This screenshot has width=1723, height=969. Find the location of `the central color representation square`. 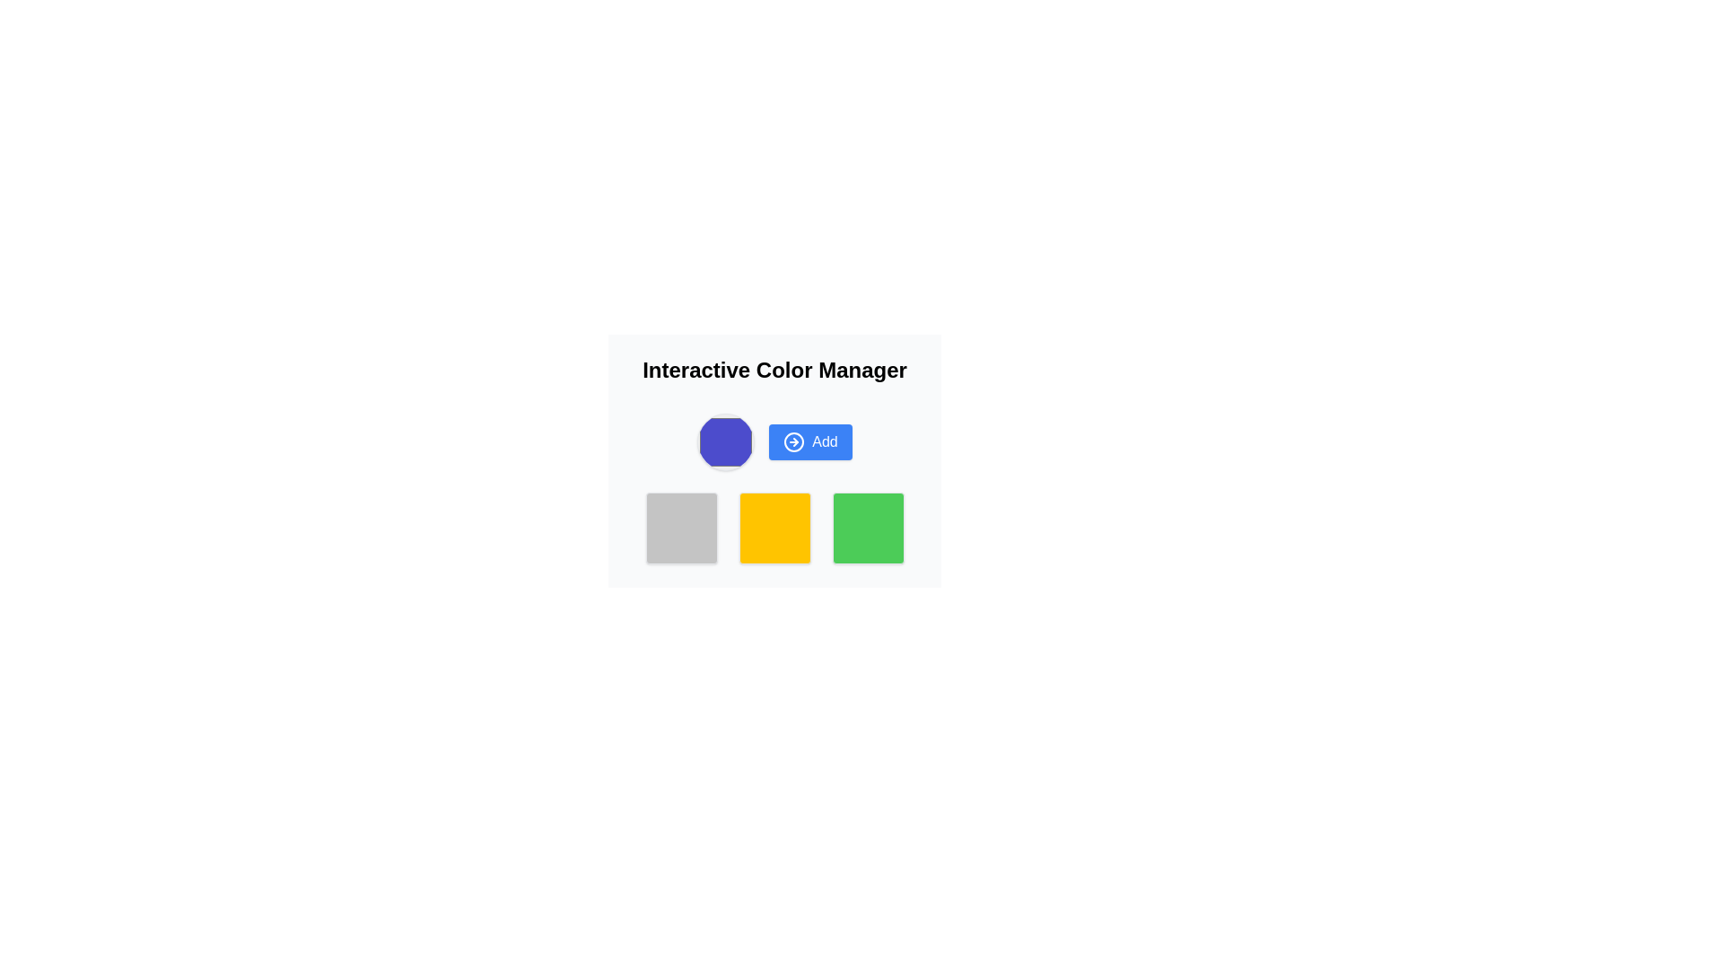

the central color representation square is located at coordinates (774, 528).